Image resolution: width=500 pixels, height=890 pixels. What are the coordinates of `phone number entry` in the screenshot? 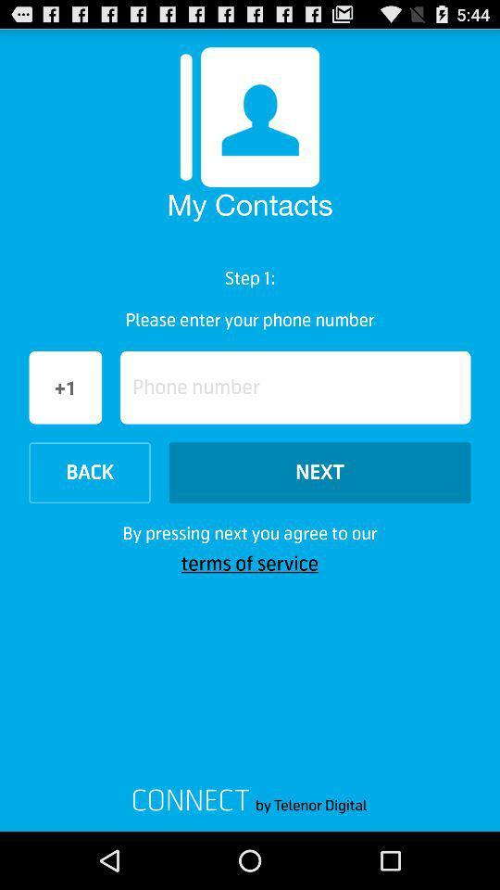 It's located at (295, 387).